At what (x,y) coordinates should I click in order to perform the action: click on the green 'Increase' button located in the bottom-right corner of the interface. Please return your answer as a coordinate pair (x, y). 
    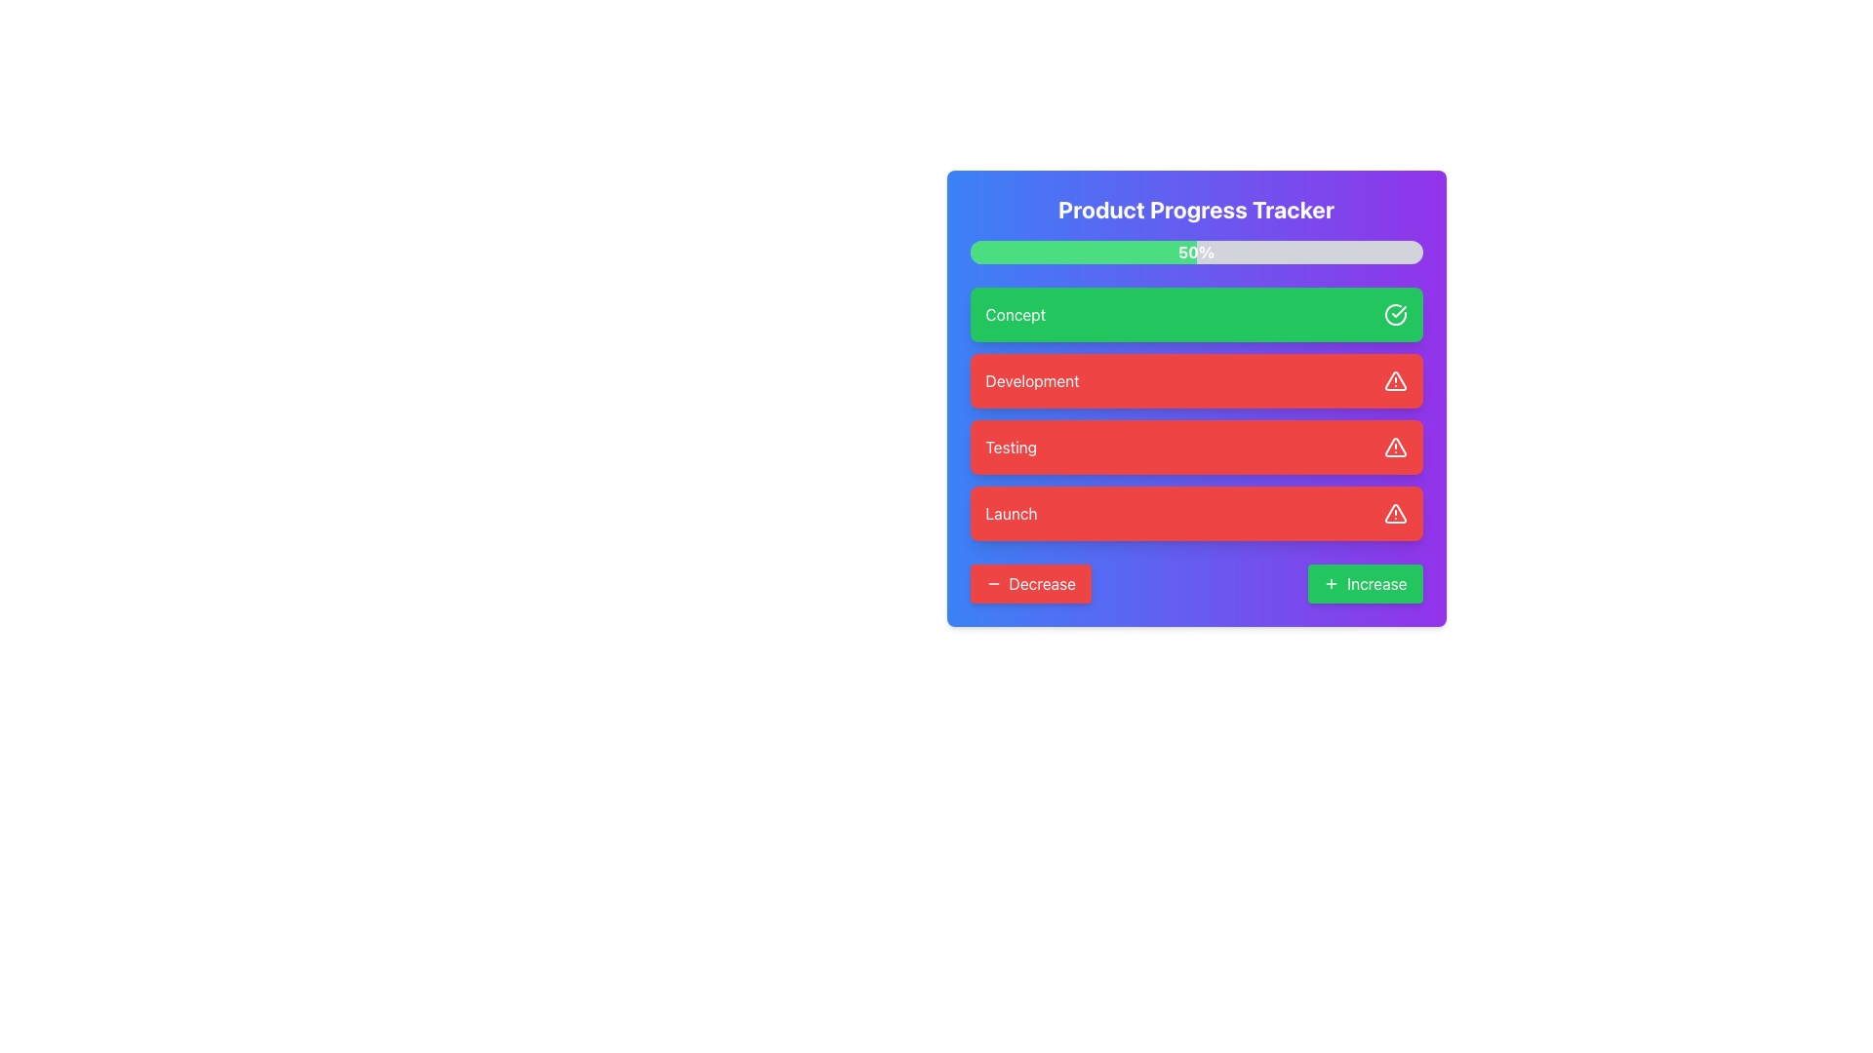
    Looking at the image, I should click on (1364, 582).